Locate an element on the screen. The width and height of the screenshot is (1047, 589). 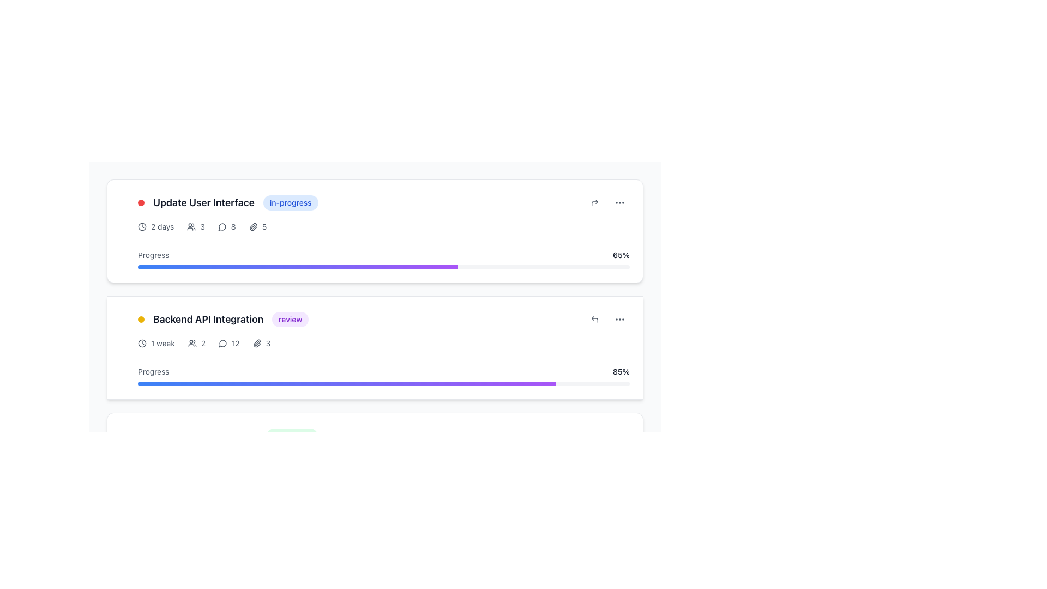
the small, curved arrow icon in the top-right corner of the first task card is located at coordinates (594, 202).